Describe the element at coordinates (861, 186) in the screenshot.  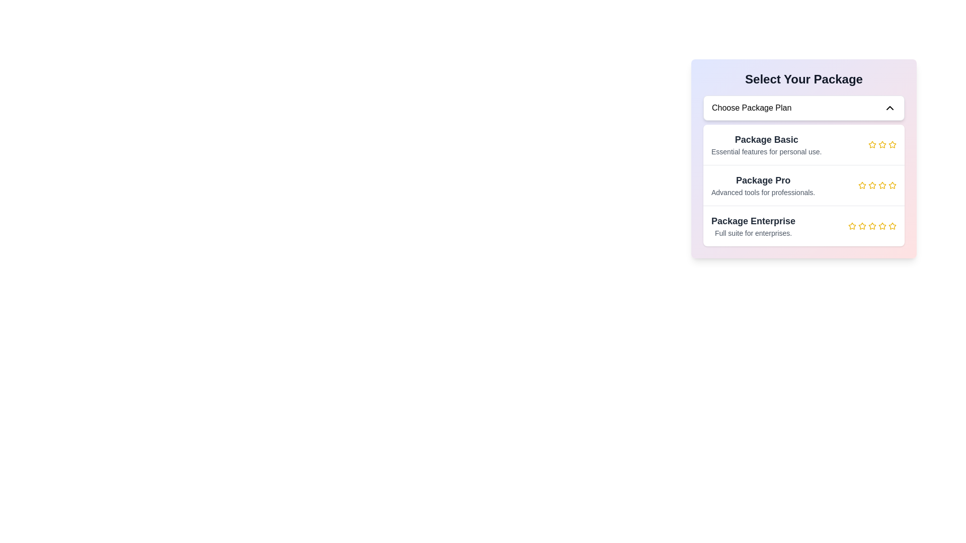
I see `the star icon used for rating the 'Package Pro' option` at that location.